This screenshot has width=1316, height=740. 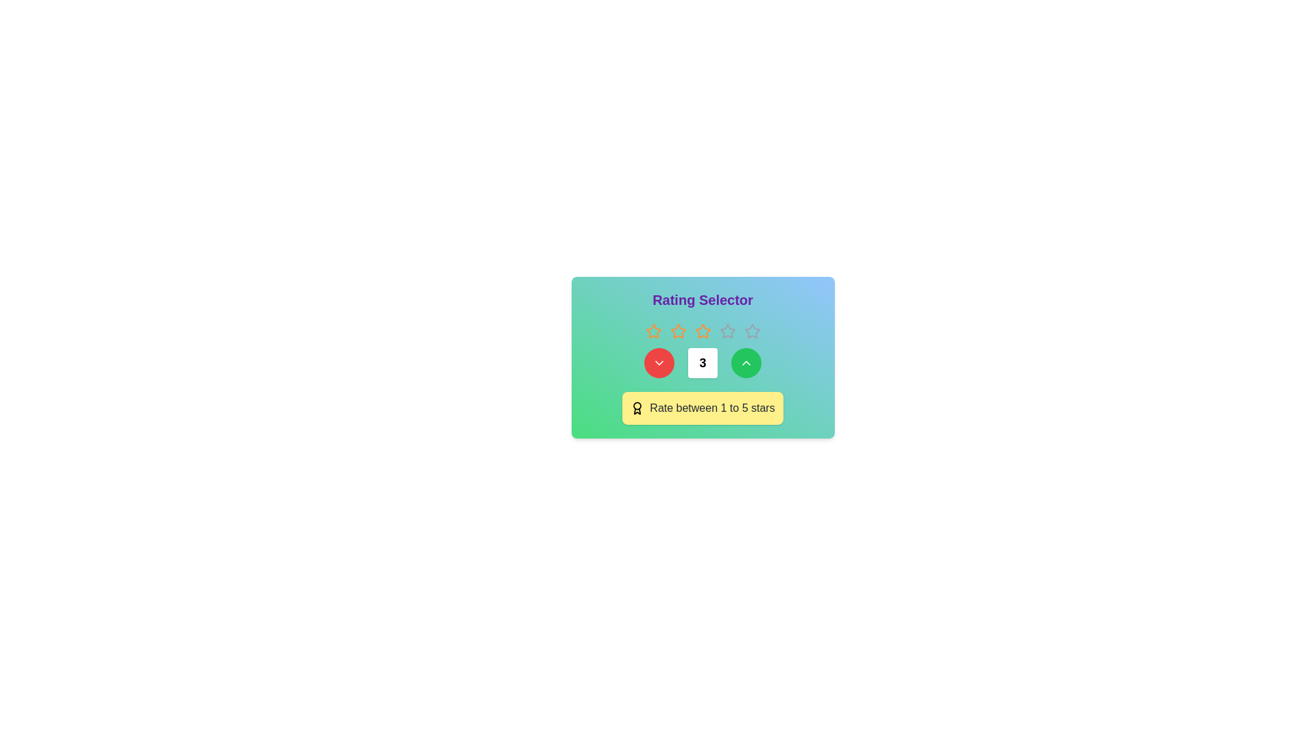 I want to click on the last star icon in the rating system, so click(x=751, y=331).